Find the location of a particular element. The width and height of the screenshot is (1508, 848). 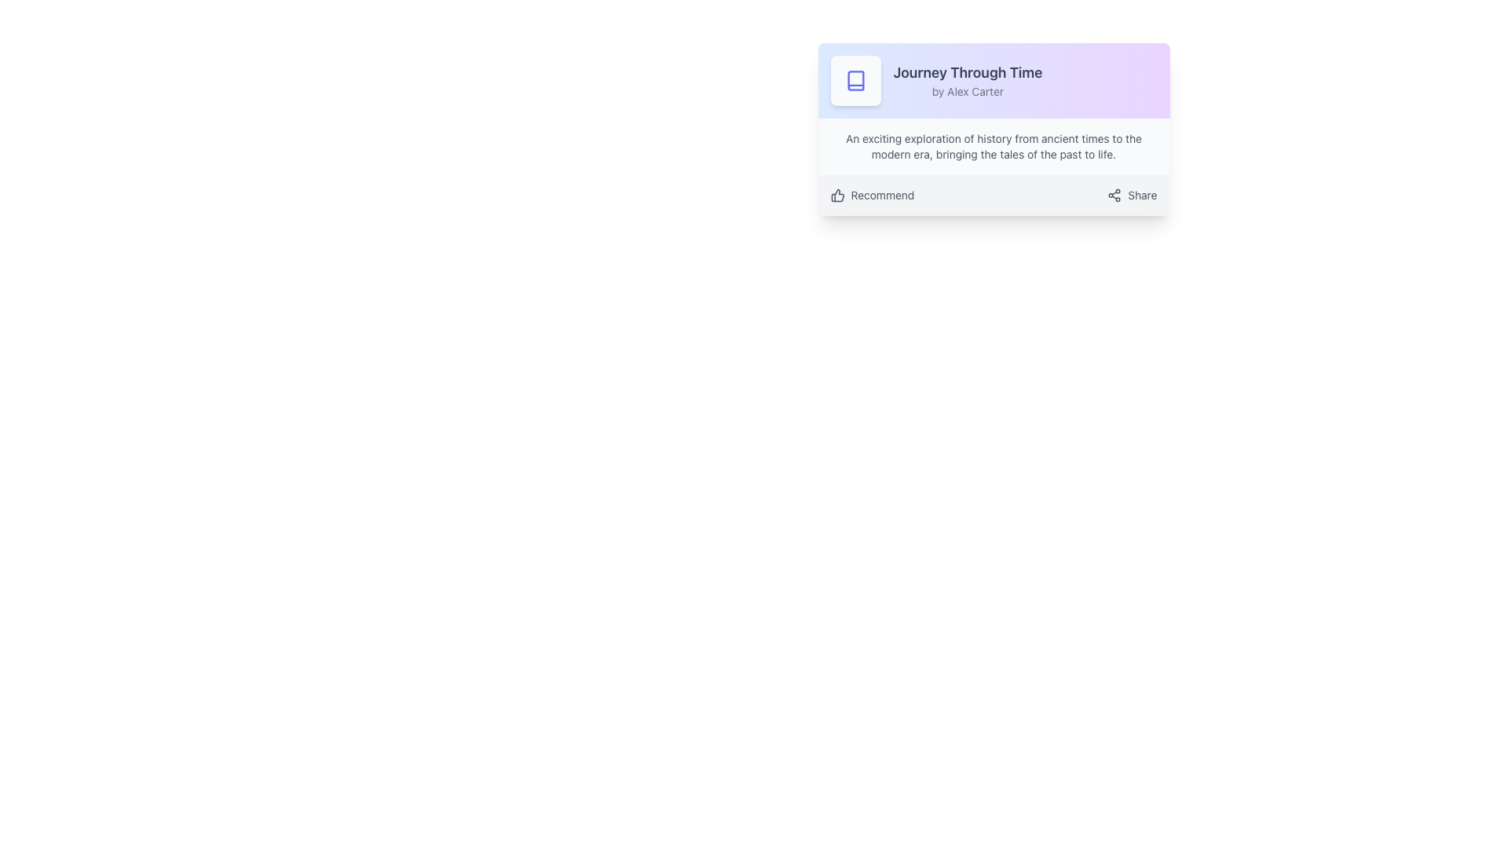

the informational text that reads 'by Alex Carter', which is styled in a smaller, grayed-out font and positioned below the title 'Journey Through Time' in the card layout is located at coordinates (967, 91).